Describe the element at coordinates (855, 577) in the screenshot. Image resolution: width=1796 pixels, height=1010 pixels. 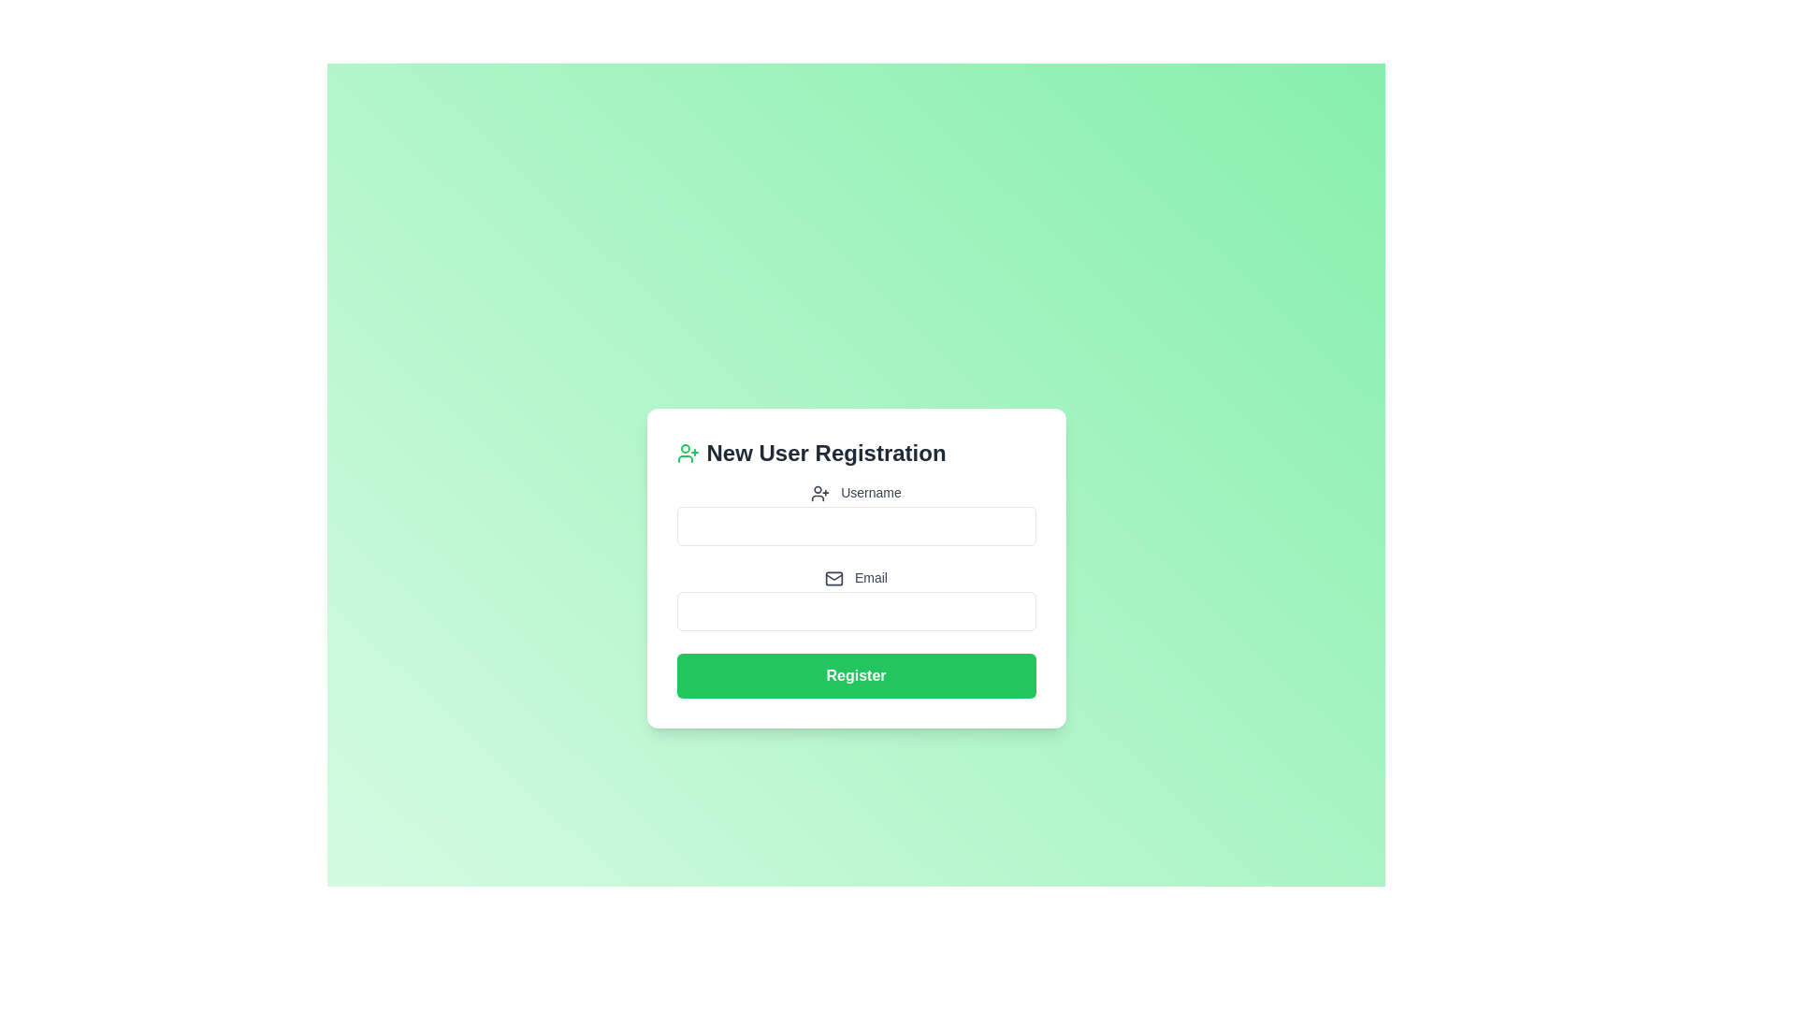
I see `the 'Email' label, which is a bold text label with an envelope icon on its left side, positioned above the email input field in the middle section of the form` at that location.